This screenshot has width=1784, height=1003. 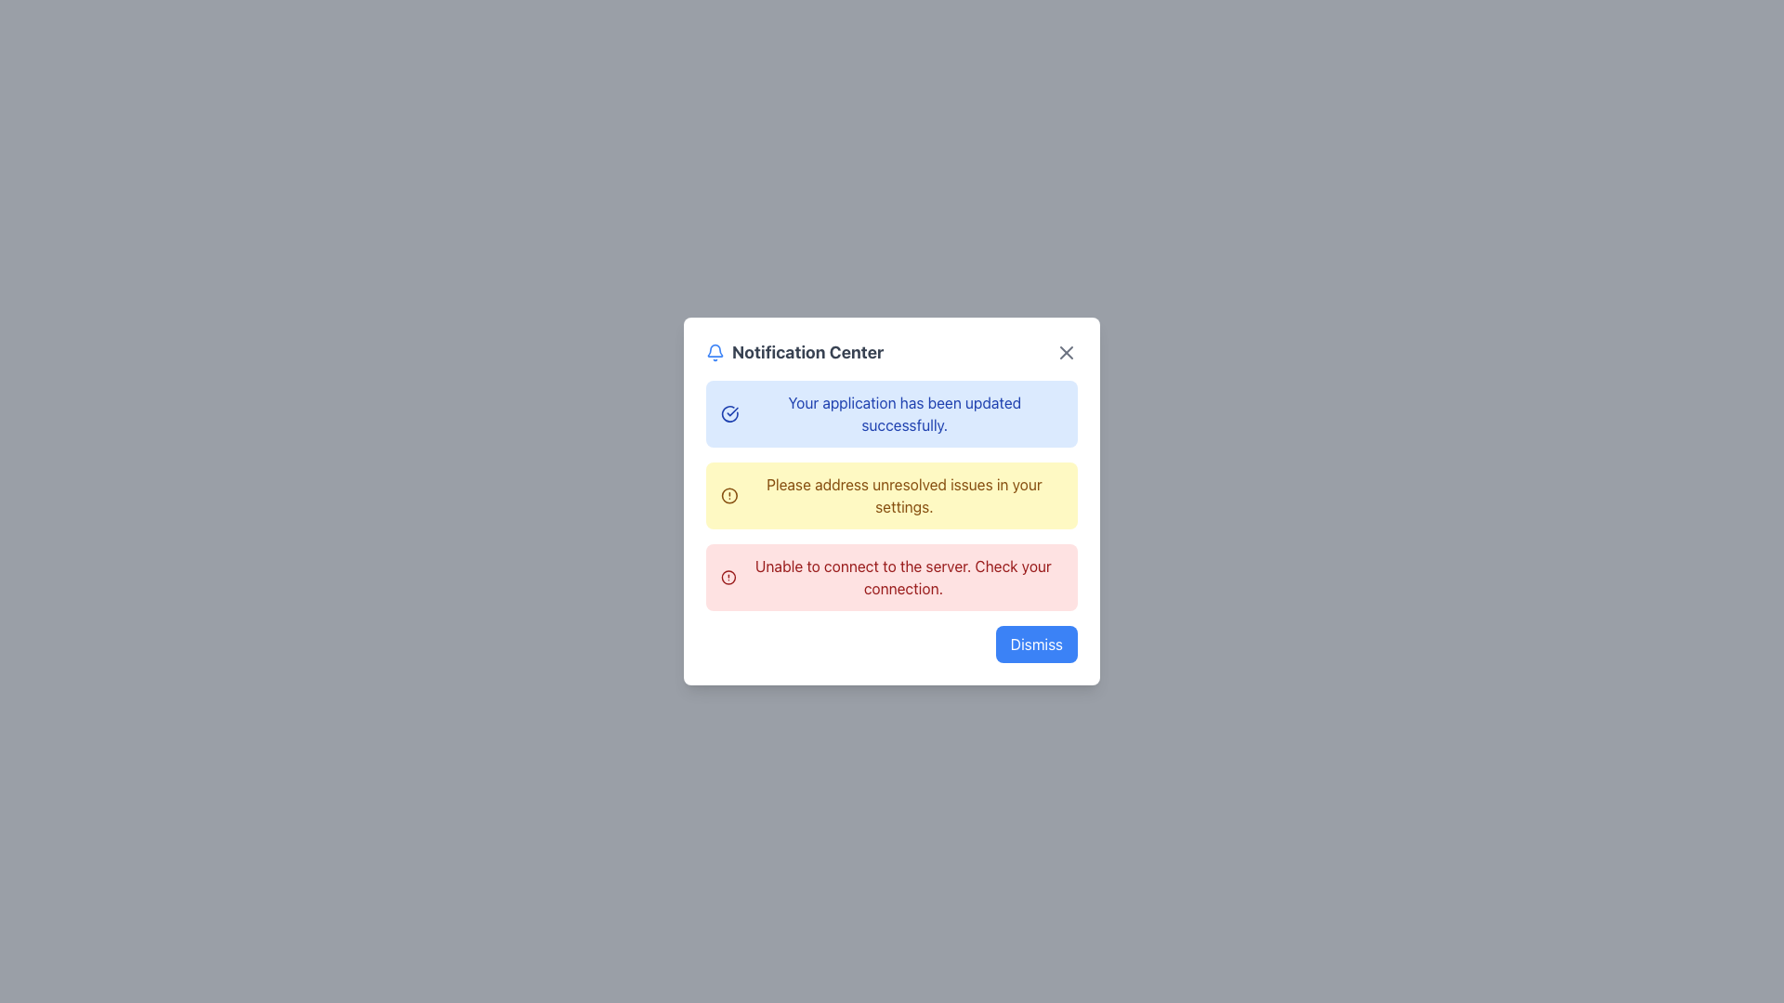 What do you see at coordinates (904, 413) in the screenshot?
I see `the text label displaying the message 'Your application has been updated successfully.' which is located in the first notification box in the Notification Center` at bounding box center [904, 413].